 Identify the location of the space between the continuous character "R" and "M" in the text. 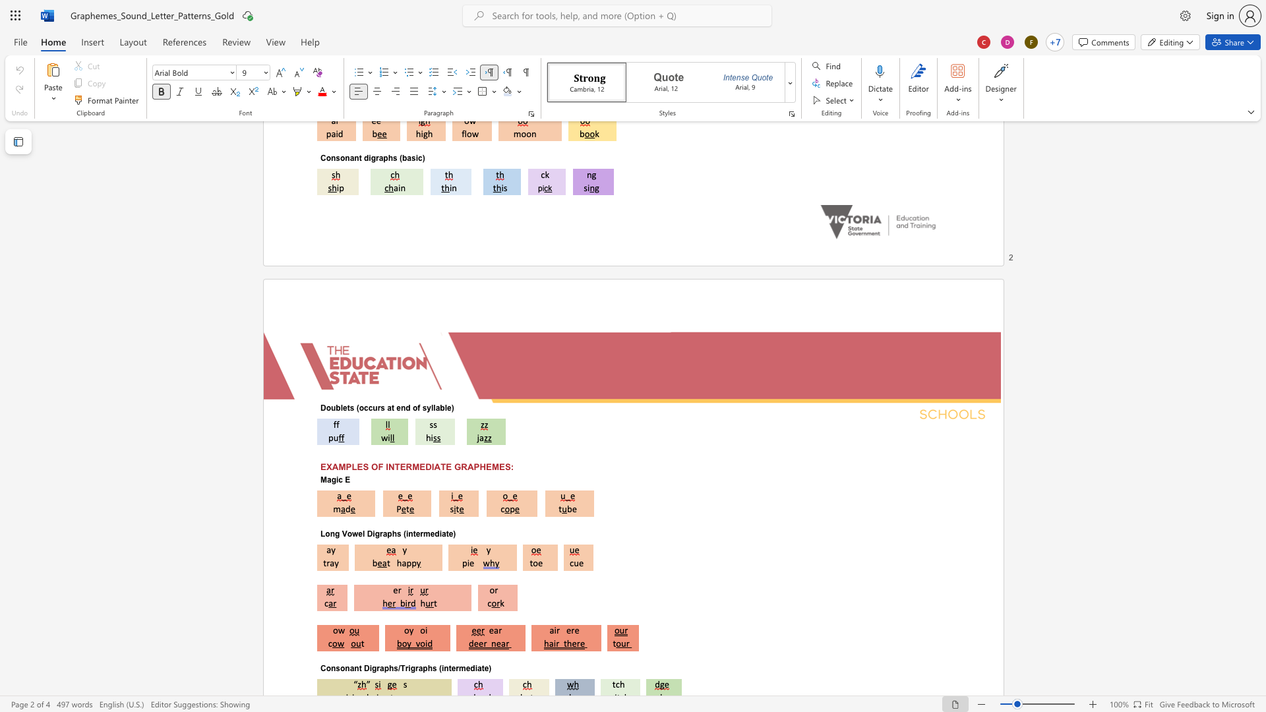
(411, 466).